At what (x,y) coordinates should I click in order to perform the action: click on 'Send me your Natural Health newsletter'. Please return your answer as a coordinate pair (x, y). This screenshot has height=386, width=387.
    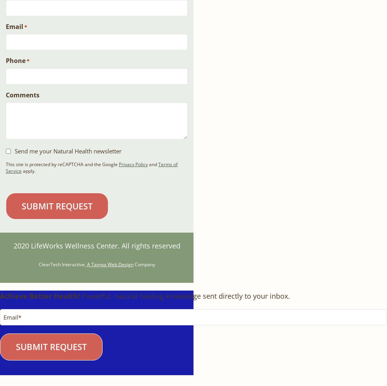
    Looking at the image, I should click on (15, 150).